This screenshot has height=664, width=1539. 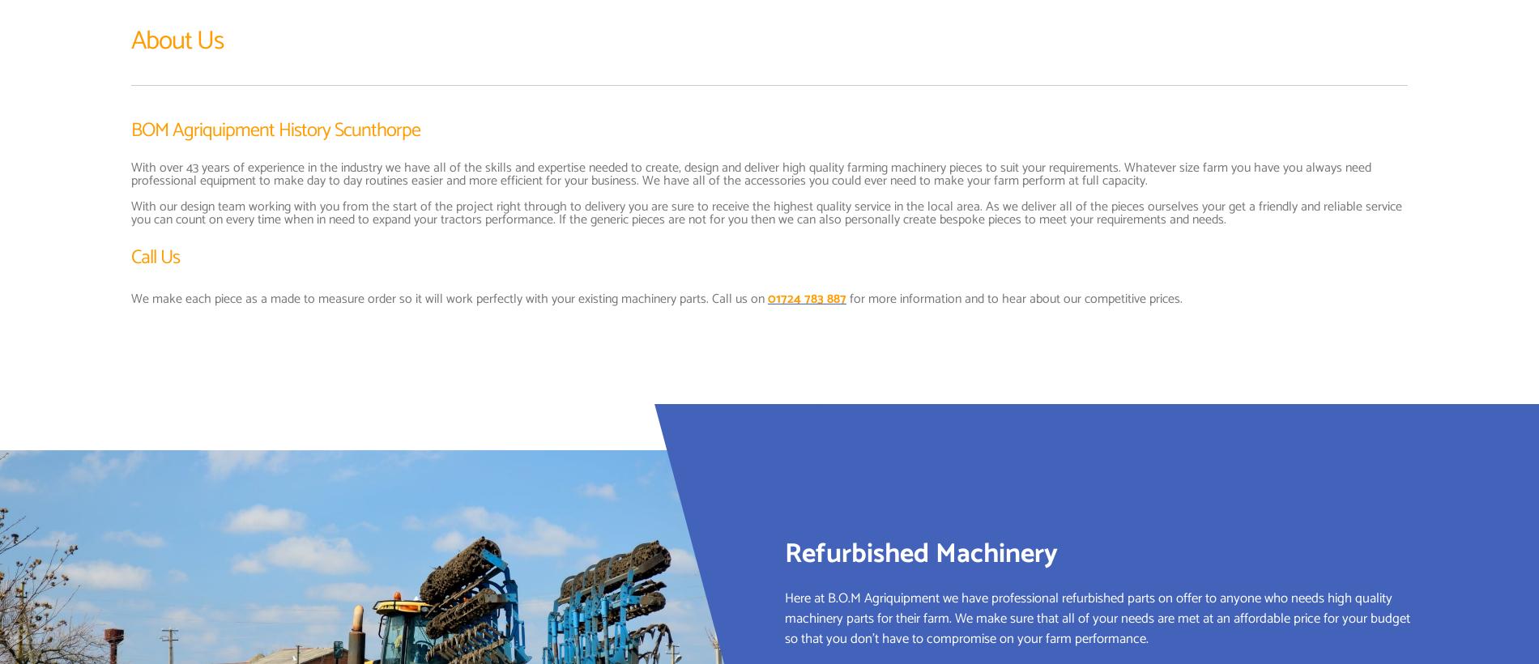 I want to click on 'With our design team working with you from the start of the project right through to delivery you are sure to receive the highest quality service in the local area. As we
deliver all of the pieces ourselves your get a friendly and reliable service you can count on every time when in need to expand your tractors performance. If the generic pieces are not for you then we can also personally create bespoke pieces to meet your requirements and needs.', so click(x=765, y=212).